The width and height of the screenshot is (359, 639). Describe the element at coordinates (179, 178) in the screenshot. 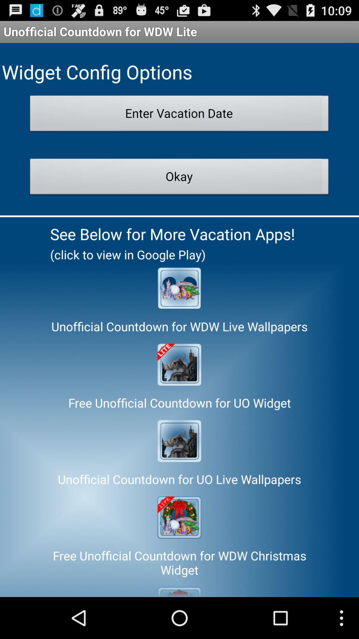

I see `the icon below the enter vacation date button` at that location.